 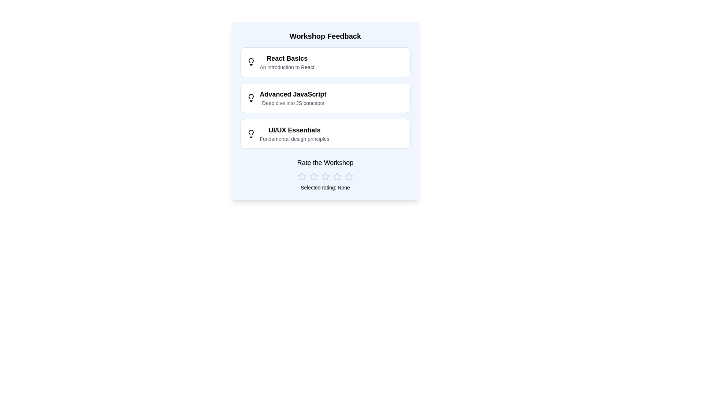 I want to click on the third star icon in the row of five rating stars under the 'Rate the Workshop' heading, so click(x=325, y=176).